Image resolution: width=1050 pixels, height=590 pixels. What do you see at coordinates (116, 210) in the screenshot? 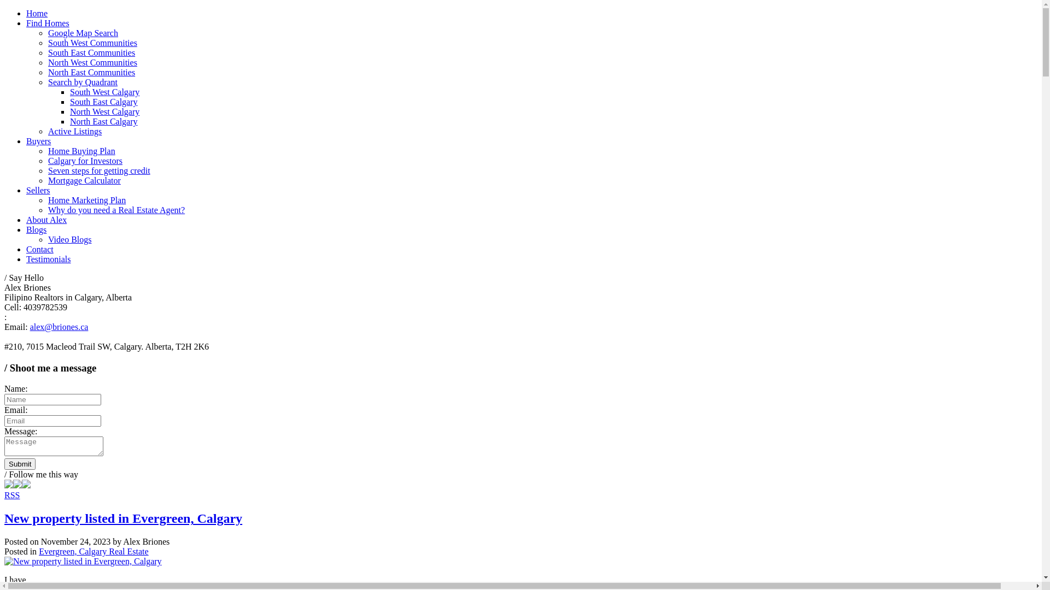
I see `'Why do you need a Real Estate Agent?'` at bounding box center [116, 210].